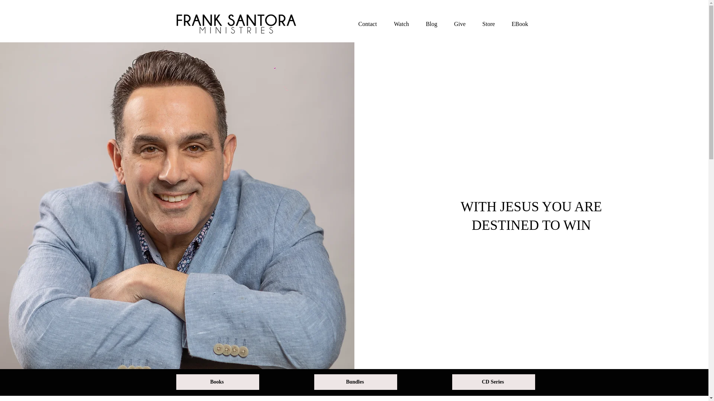  What do you see at coordinates (367, 24) in the screenshot?
I see `'Contact'` at bounding box center [367, 24].